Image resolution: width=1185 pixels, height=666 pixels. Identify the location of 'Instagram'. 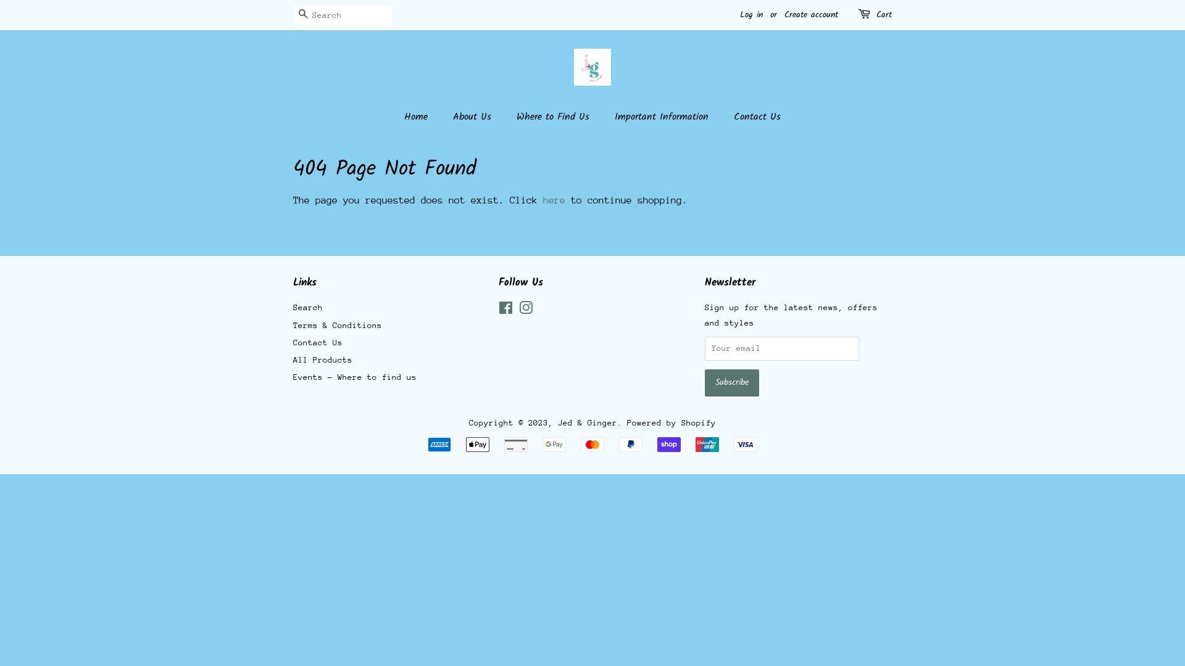
(525, 310).